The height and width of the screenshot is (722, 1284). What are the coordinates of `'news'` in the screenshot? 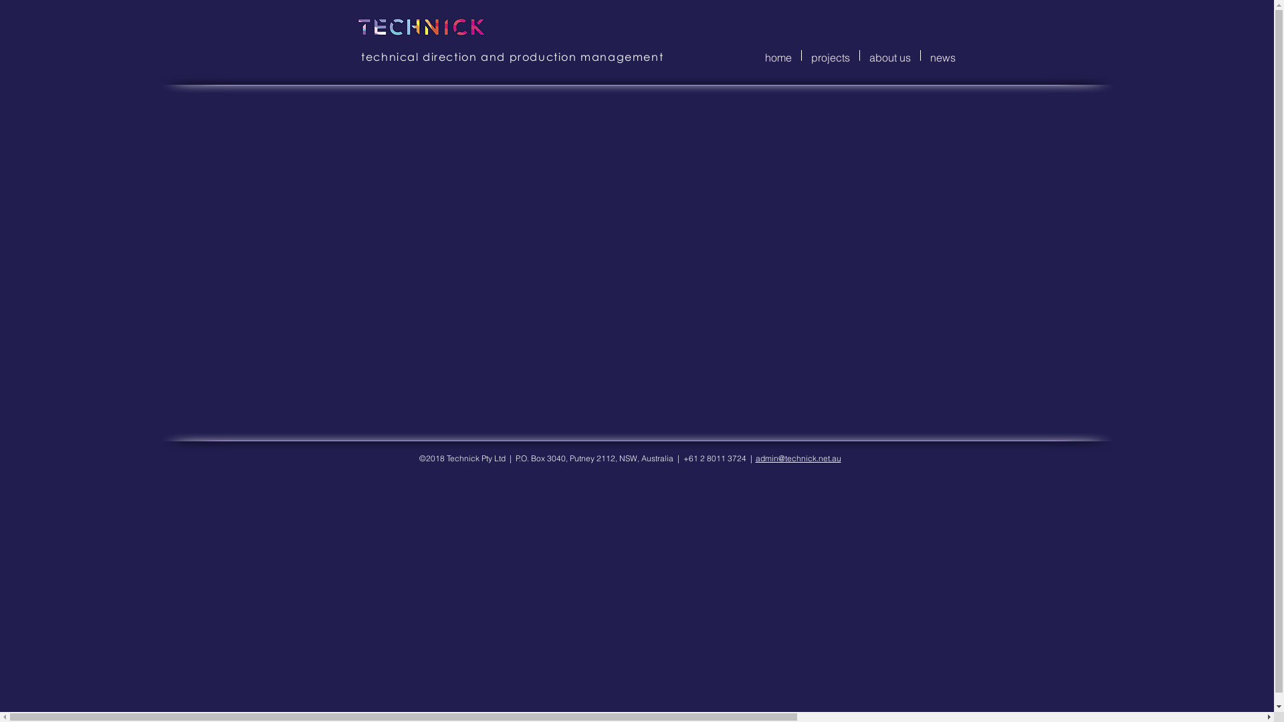 It's located at (942, 55).